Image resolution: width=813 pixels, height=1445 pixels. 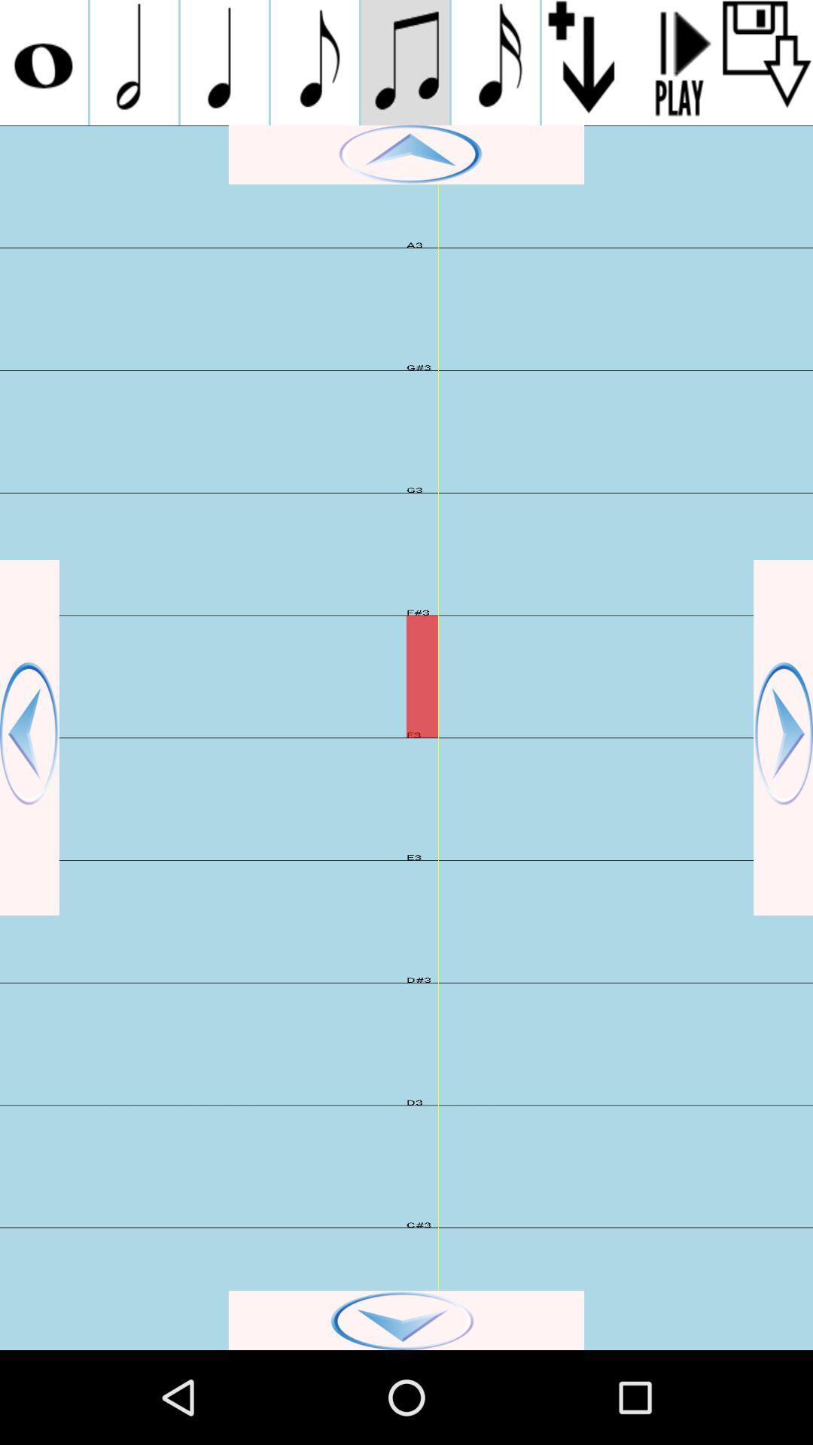 What do you see at coordinates (676, 62) in the screenshot?
I see `playback` at bounding box center [676, 62].